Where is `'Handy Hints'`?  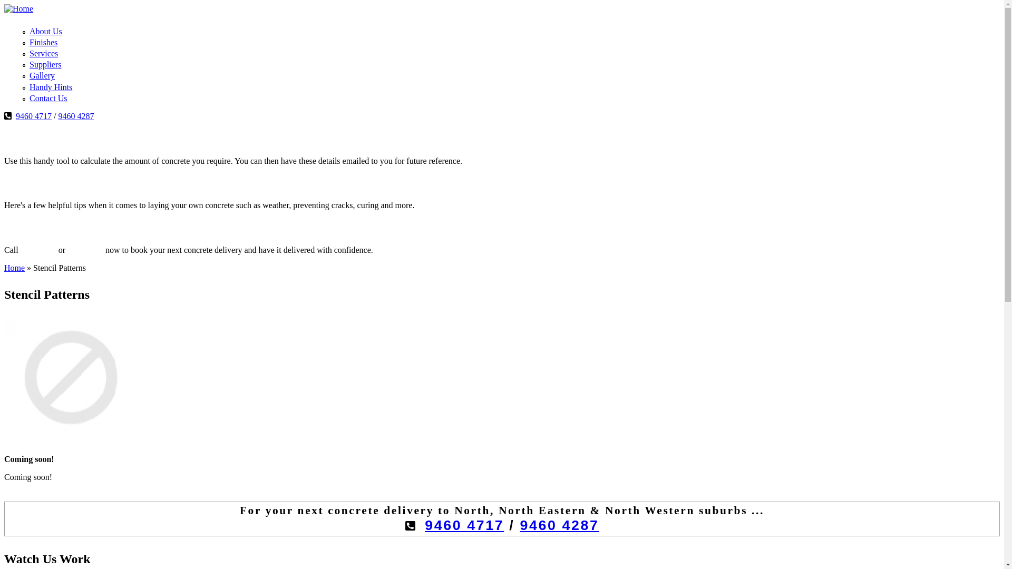 'Handy Hints' is located at coordinates (50, 86).